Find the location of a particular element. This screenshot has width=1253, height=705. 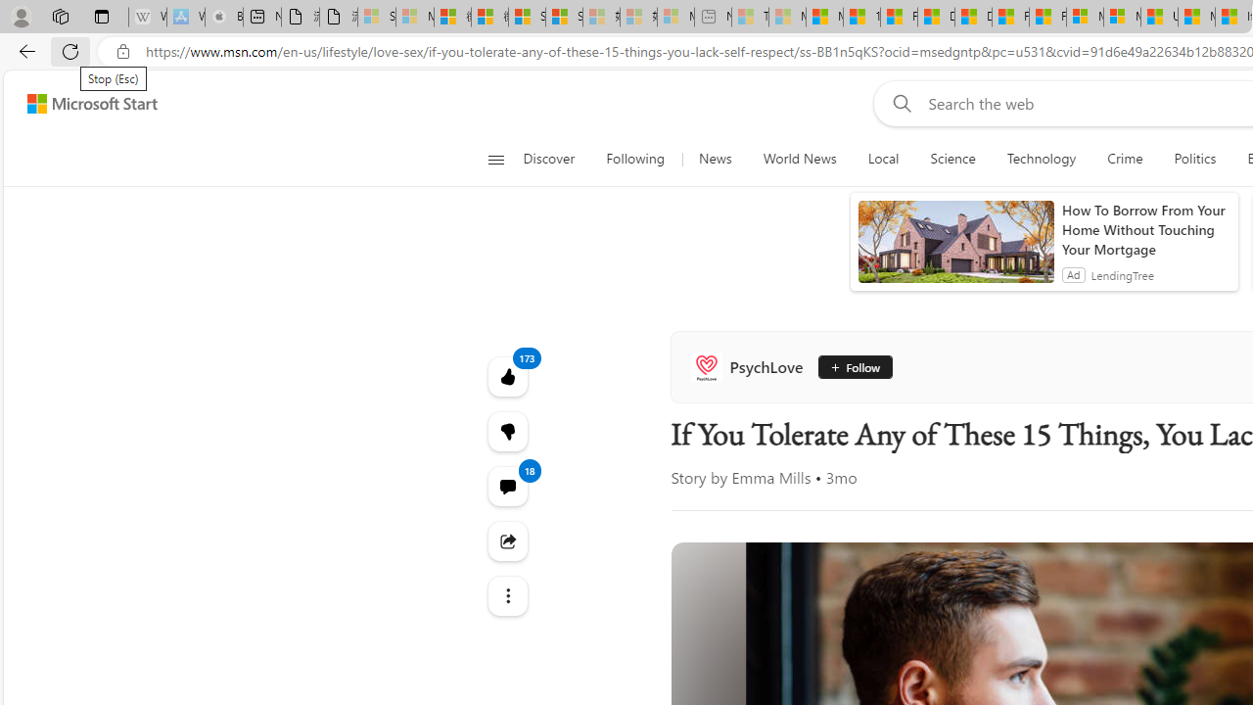

'Marine life - MSN - Sleeping' is located at coordinates (787, 17).